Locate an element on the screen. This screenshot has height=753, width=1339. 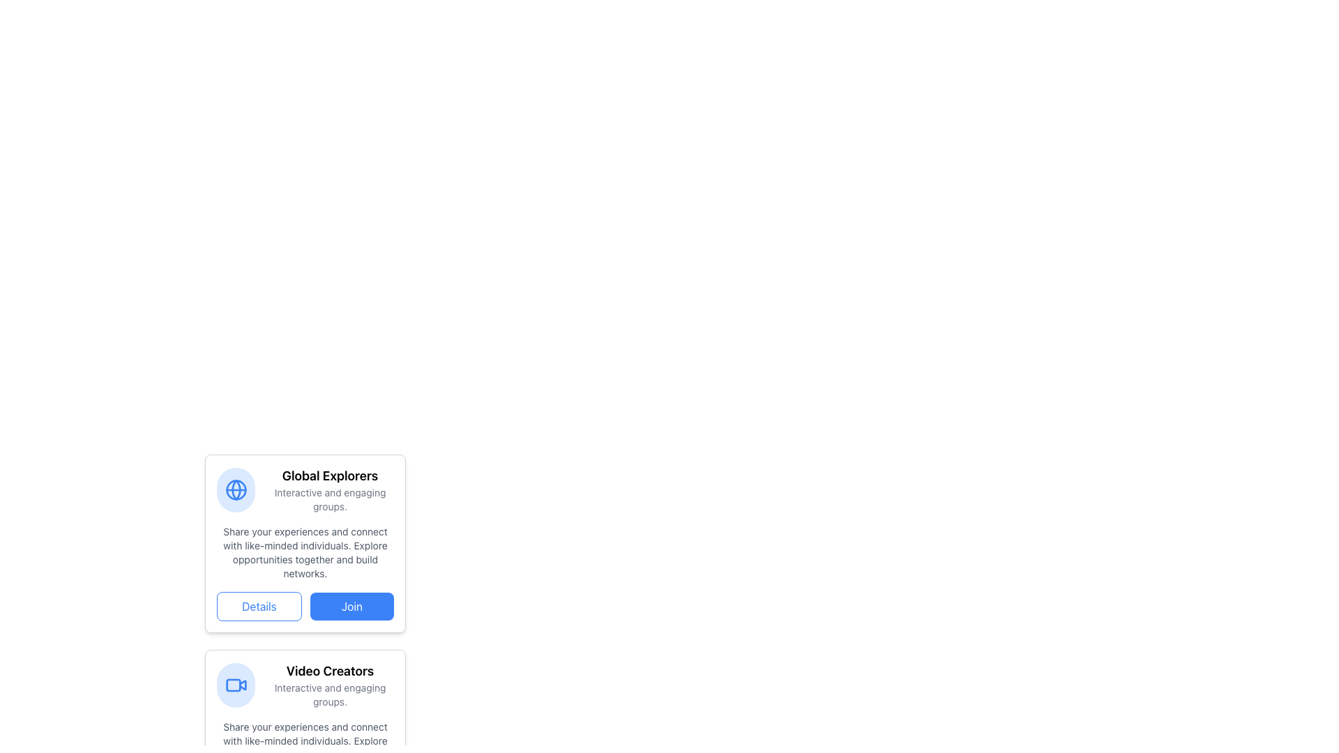
the 'Global Explorers' Informational Card Section, which features a globe icon and a title with subtext, located at the top of the vertical stack of containers is located at coordinates (304, 489).